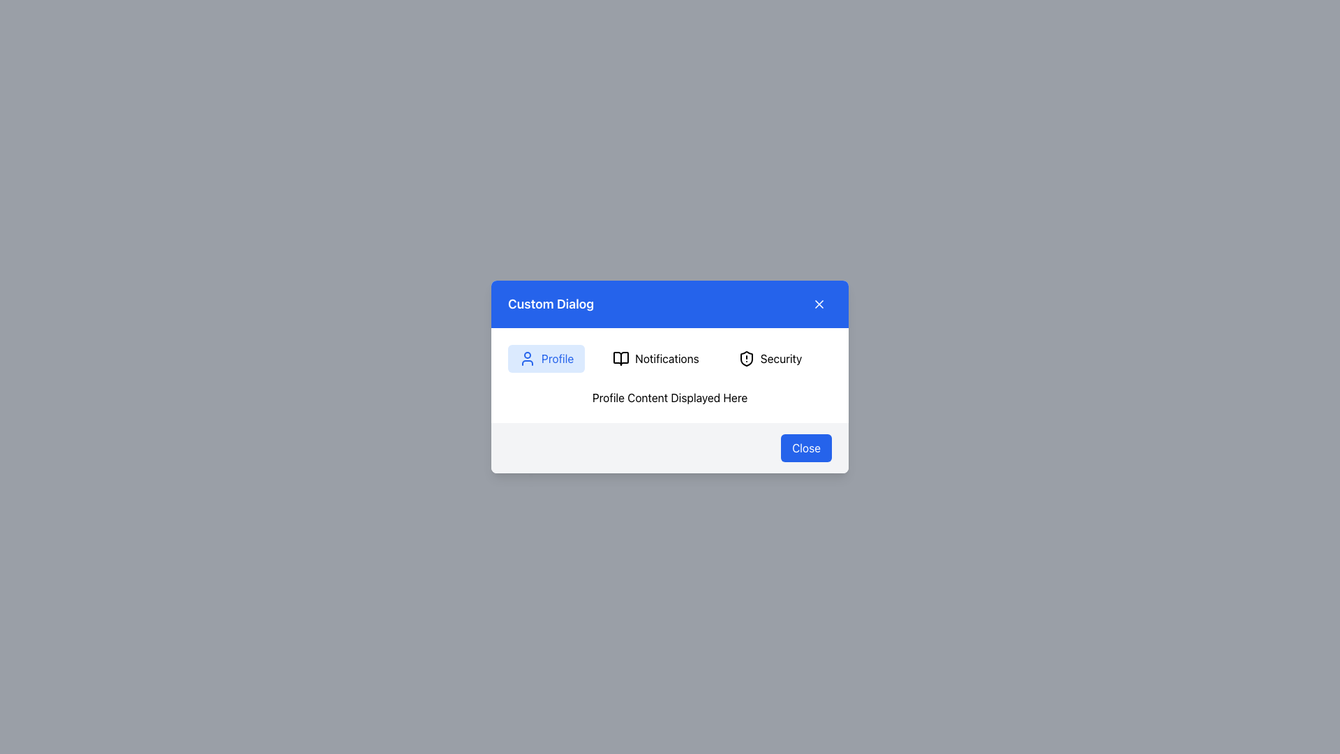  Describe the element at coordinates (769, 357) in the screenshot. I see `the security settings navigation button located in the third position of the horizontal navigation row` at that location.